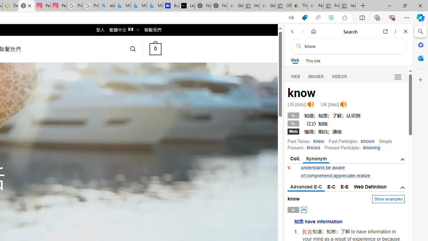 The height and width of the screenshot is (241, 428). What do you see at coordinates (312, 167) in the screenshot?
I see `'understand'` at bounding box center [312, 167].